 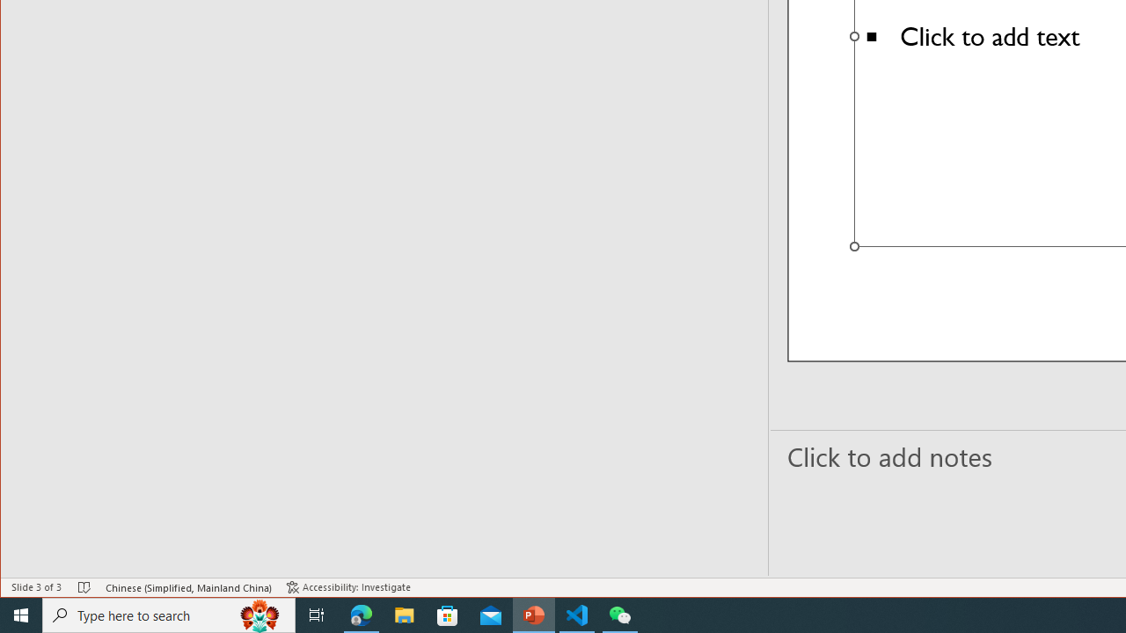 I want to click on 'Start', so click(x=21, y=614).